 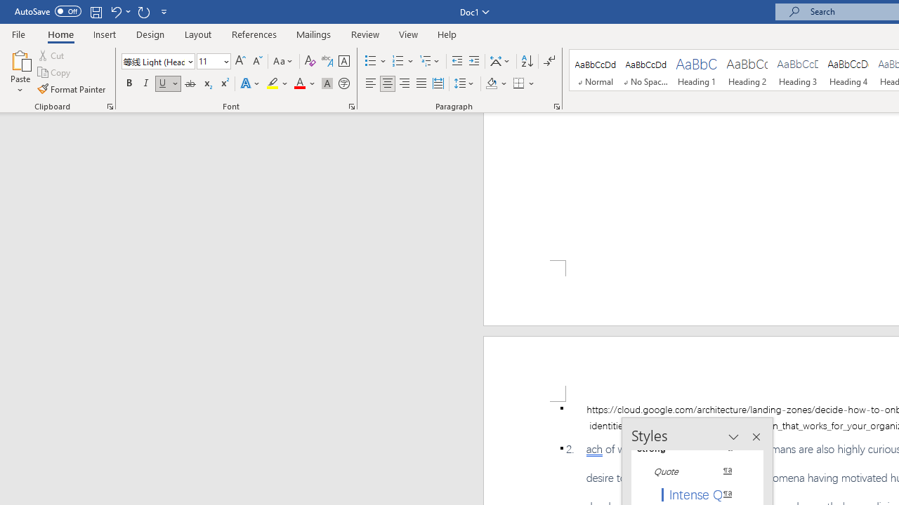 What do you see at coordinates (404, 83) in the screenshot?
I see `'Align Right'` at bounding box center [404, 83].